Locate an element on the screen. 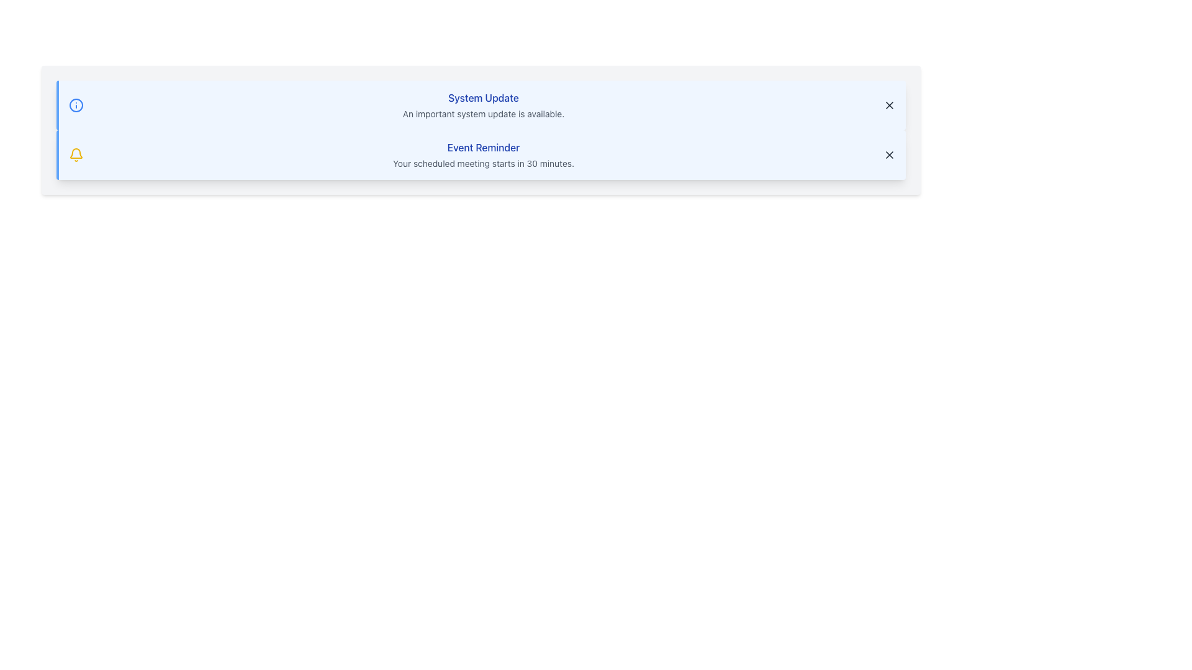  the Close Button icon, which is a diagonal cross mark in a 24x24 square located in the top-right corner of the notification bar is located at coordinates (889, 154).